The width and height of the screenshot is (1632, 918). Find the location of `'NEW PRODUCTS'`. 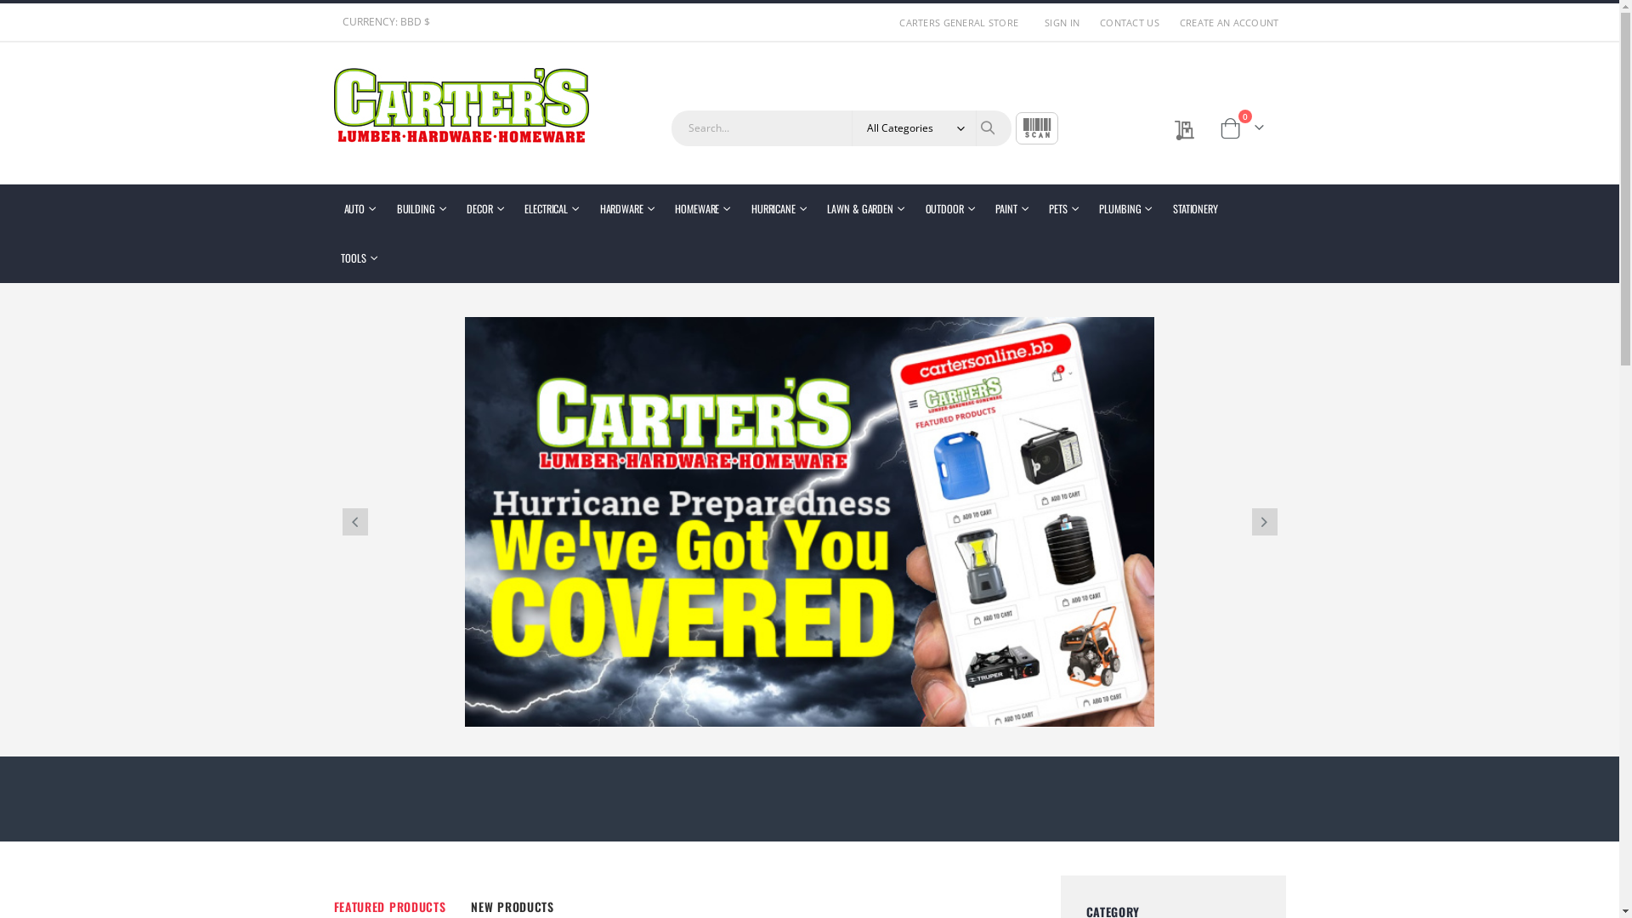

'NEW PRODUCTS' is located at coordinates (511, 905).